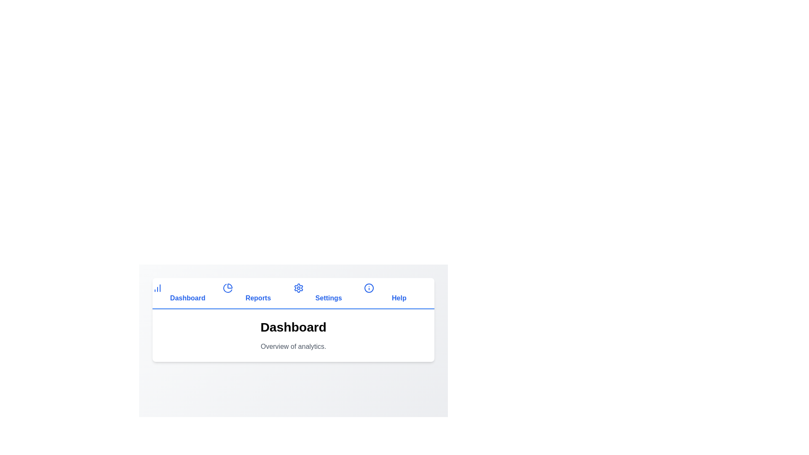 The image size is (809, 455). Describe the element at coordinates (293, 330) in the screenshot. I see `the large, bold, black text displaying 'Dashboard' which is centrally positioned within a white card in the dashboard interface` at that location.